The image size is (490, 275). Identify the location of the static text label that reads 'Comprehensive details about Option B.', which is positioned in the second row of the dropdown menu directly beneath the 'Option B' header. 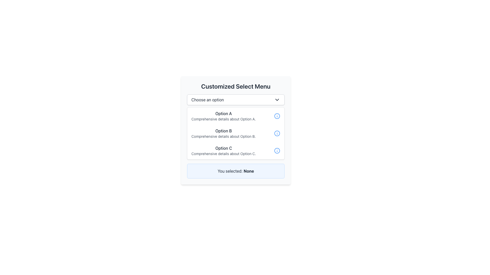
(224, 136).